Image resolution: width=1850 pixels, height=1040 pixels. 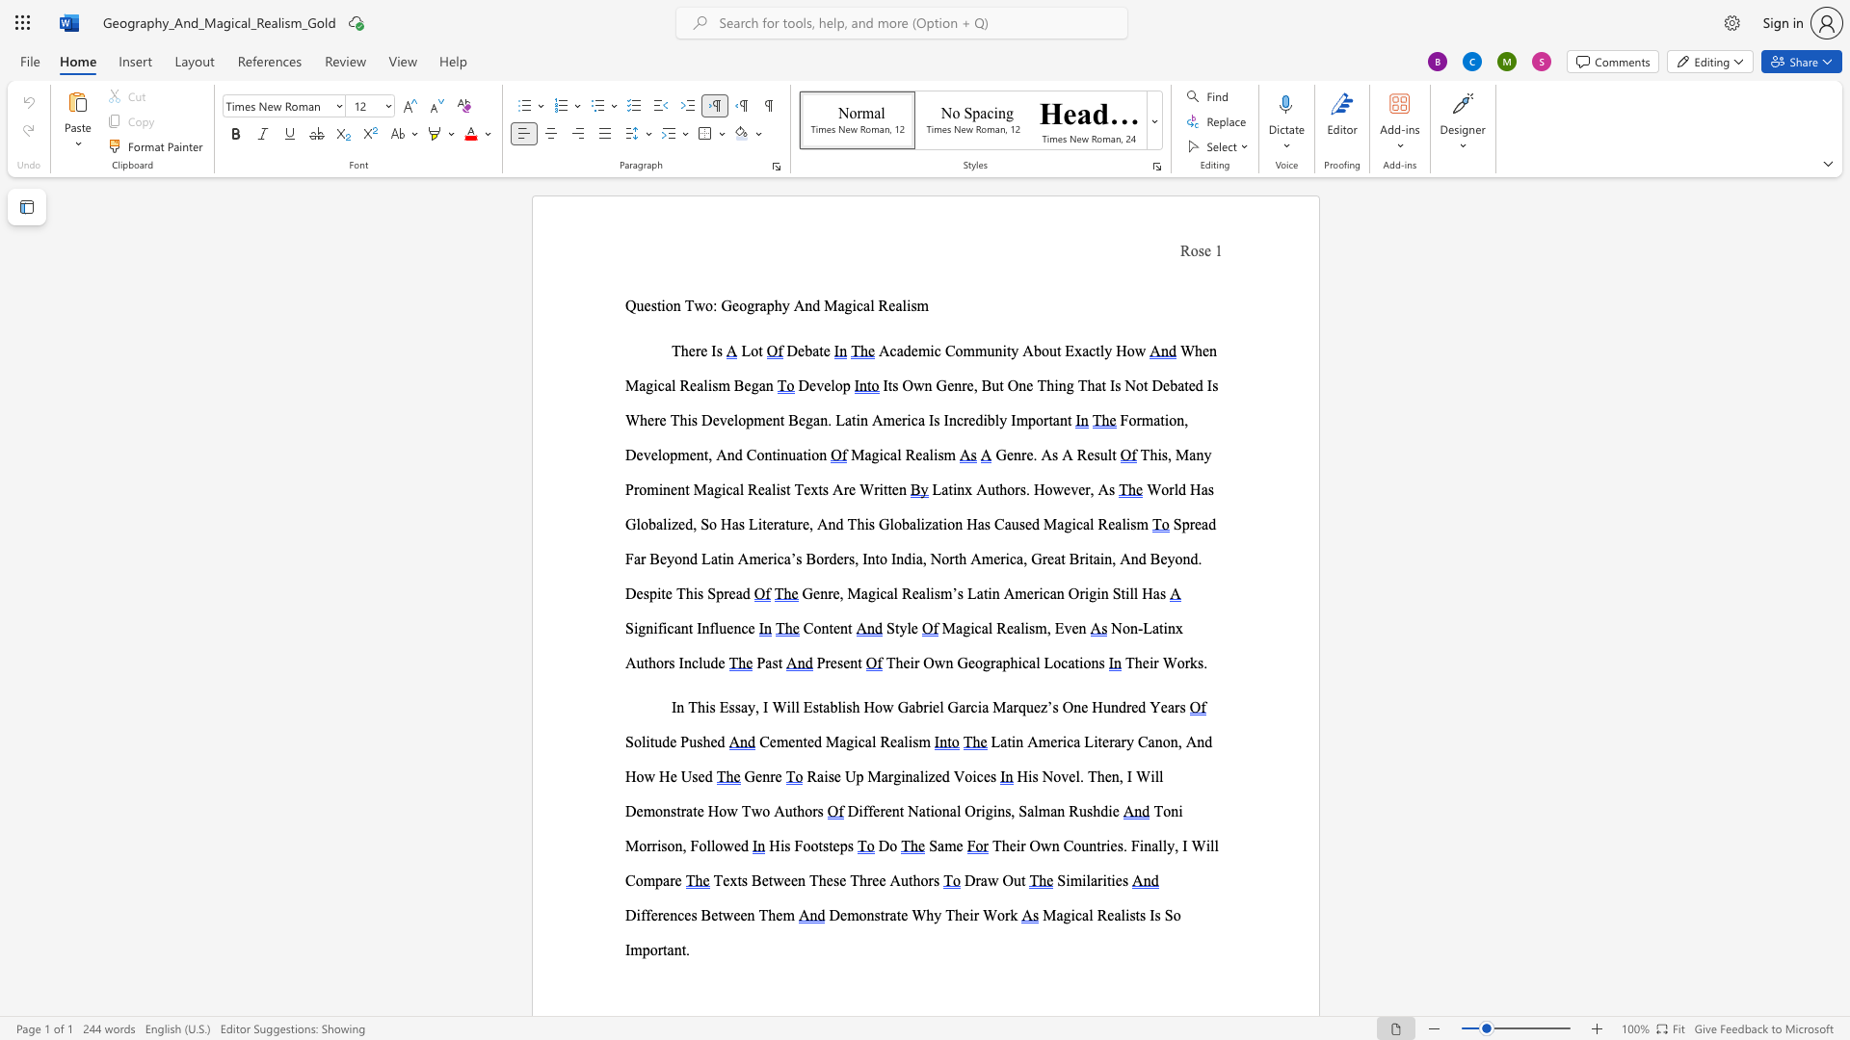 I want to click on the 2th character "A" in the text, so click(x=1103, y=488).